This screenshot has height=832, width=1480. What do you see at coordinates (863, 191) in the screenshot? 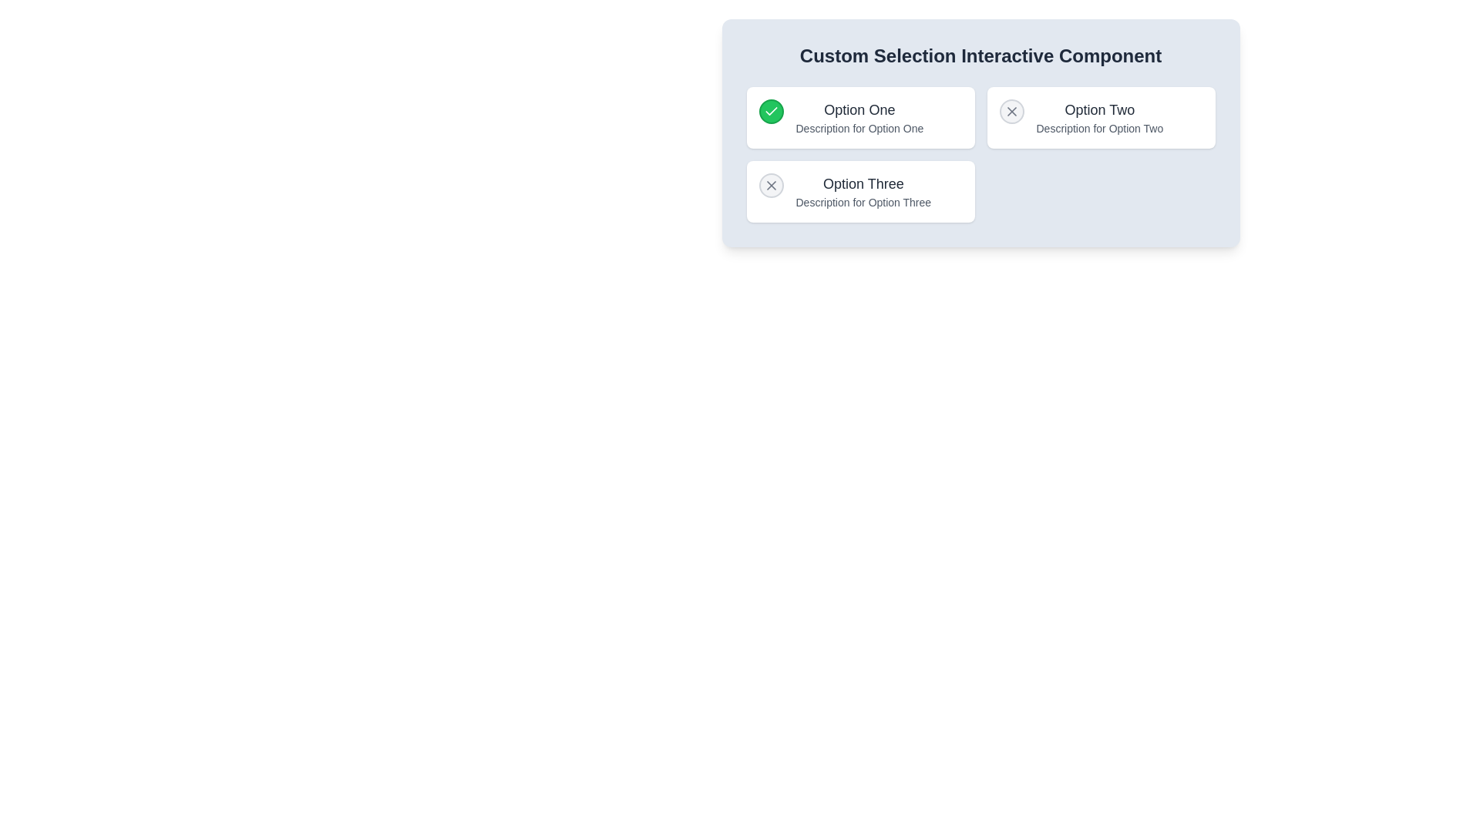
I see `the third option` at bounding box center [863, 191].